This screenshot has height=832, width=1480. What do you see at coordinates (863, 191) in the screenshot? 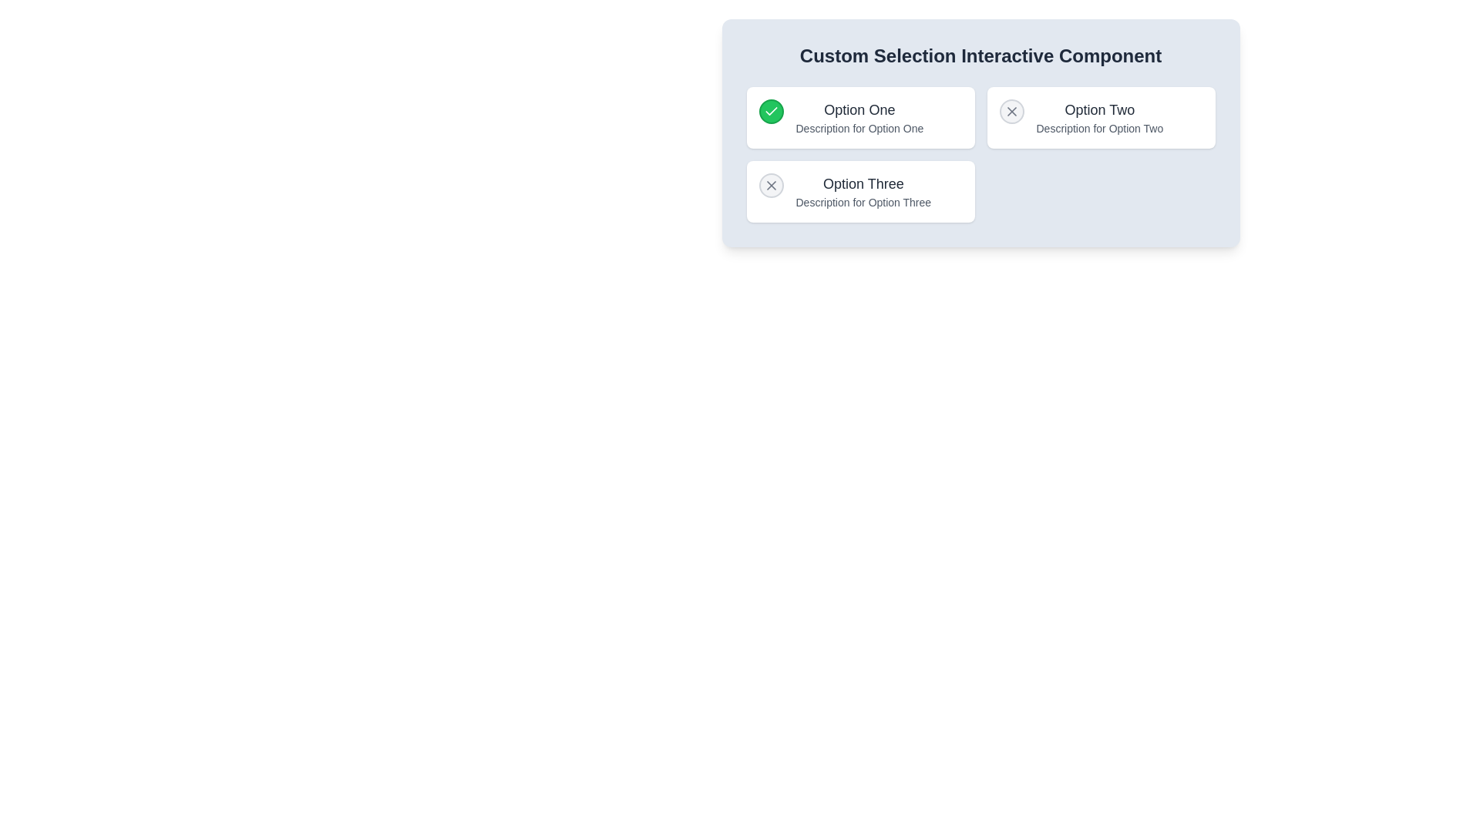
I see `the third option` at bounding box center [863, 191].